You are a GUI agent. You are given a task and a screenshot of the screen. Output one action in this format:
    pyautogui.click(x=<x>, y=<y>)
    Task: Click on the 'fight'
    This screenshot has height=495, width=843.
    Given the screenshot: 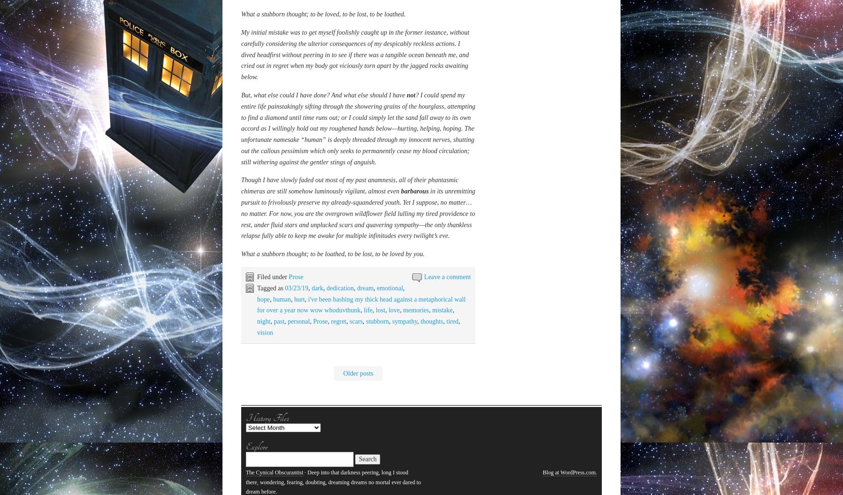 What is the action you would take?
    pyautogui.click(x=278, y=220)
    